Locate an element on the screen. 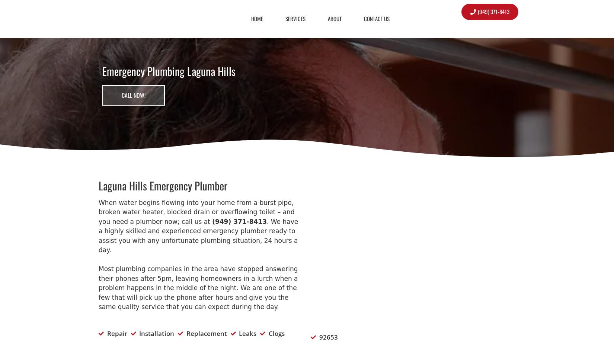 This screenshot has width=614, height=350. 'CALL NOW!' is located at coordinates (134, 95).